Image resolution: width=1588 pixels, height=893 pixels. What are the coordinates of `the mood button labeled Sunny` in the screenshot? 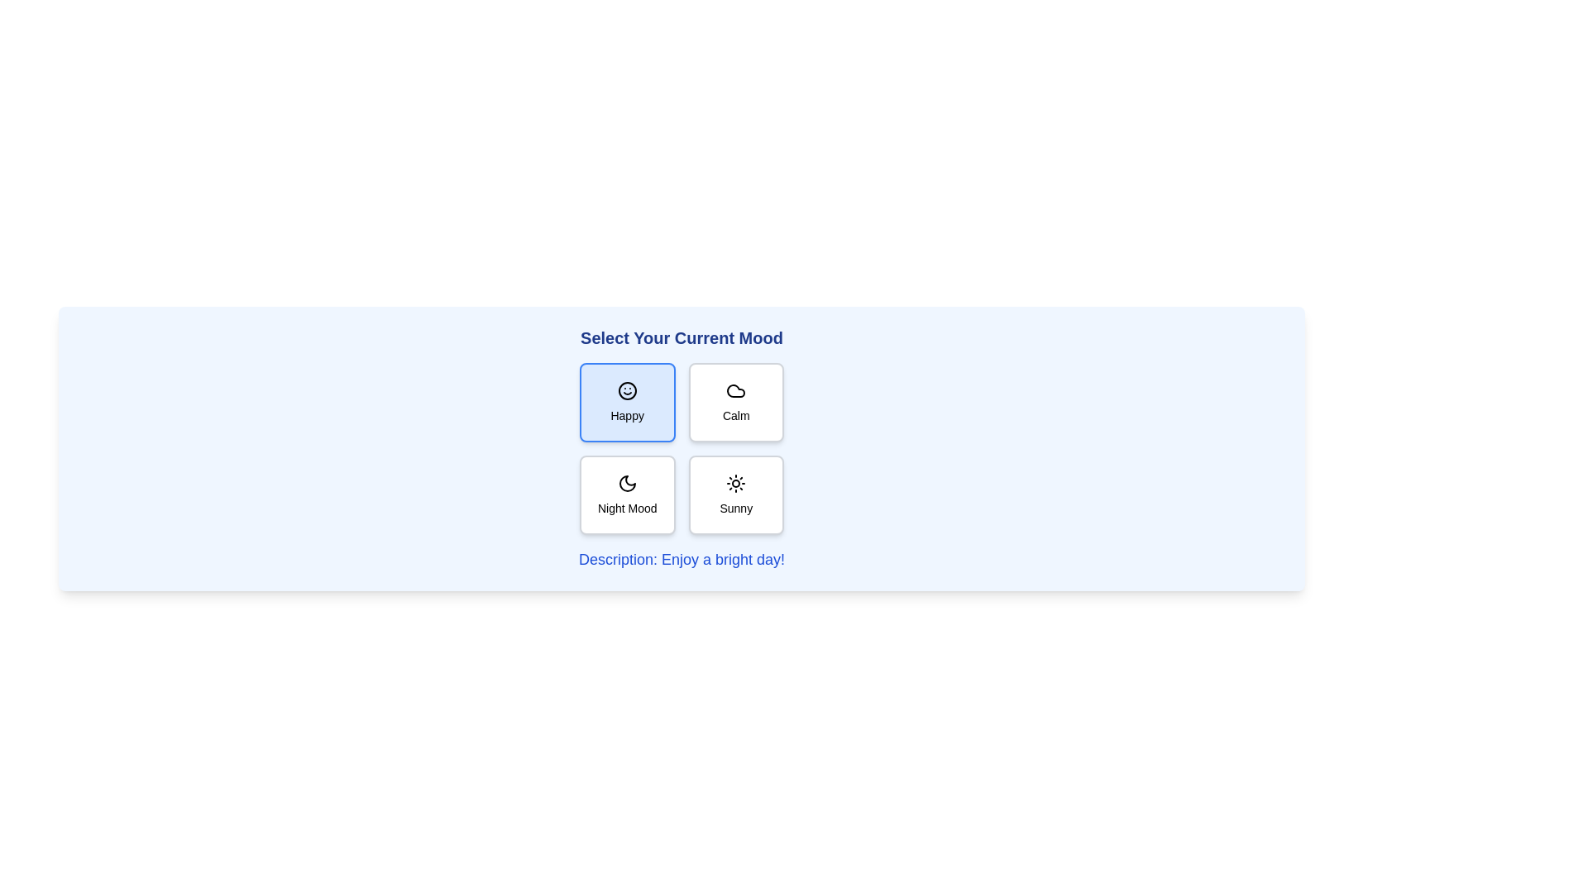 It's located at (735, 494).